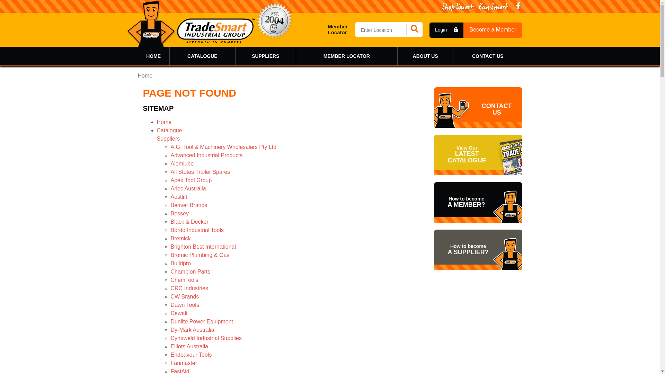 Image resolution: width=665 pixels, height=374 pixels. I want to click on 'Dawn Tools', so click(184, 304).